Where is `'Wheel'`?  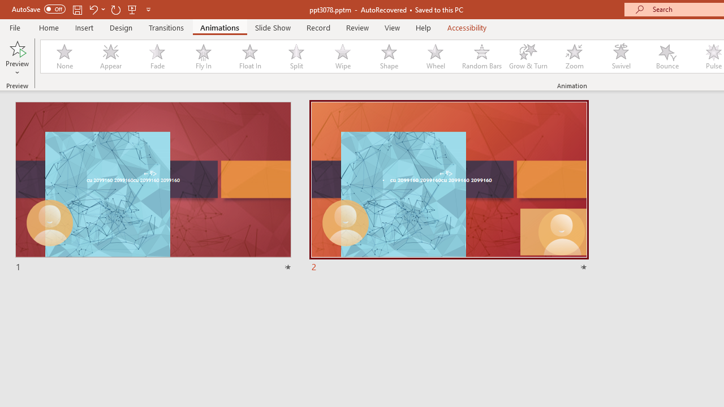
'Wheel' is located at coordinates (435, 57).